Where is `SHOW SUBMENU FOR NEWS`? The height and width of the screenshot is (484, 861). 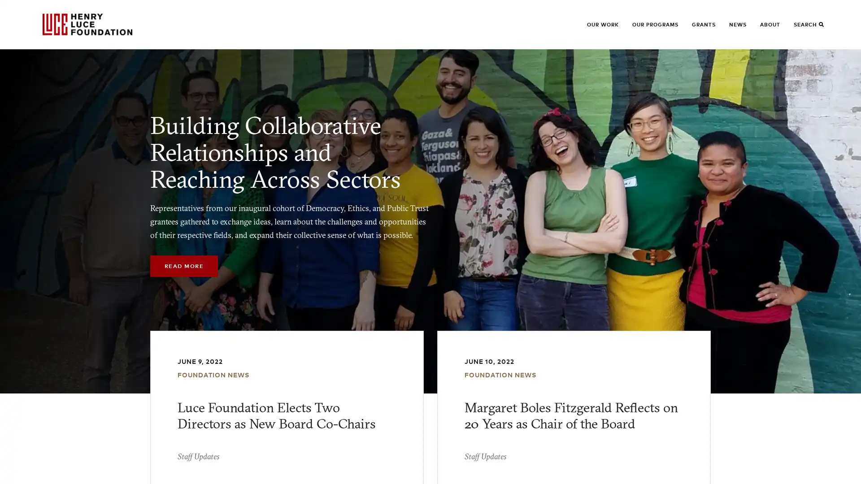
SHOW SUBMENU FOR NEWS is located at coordinates (743, 28).